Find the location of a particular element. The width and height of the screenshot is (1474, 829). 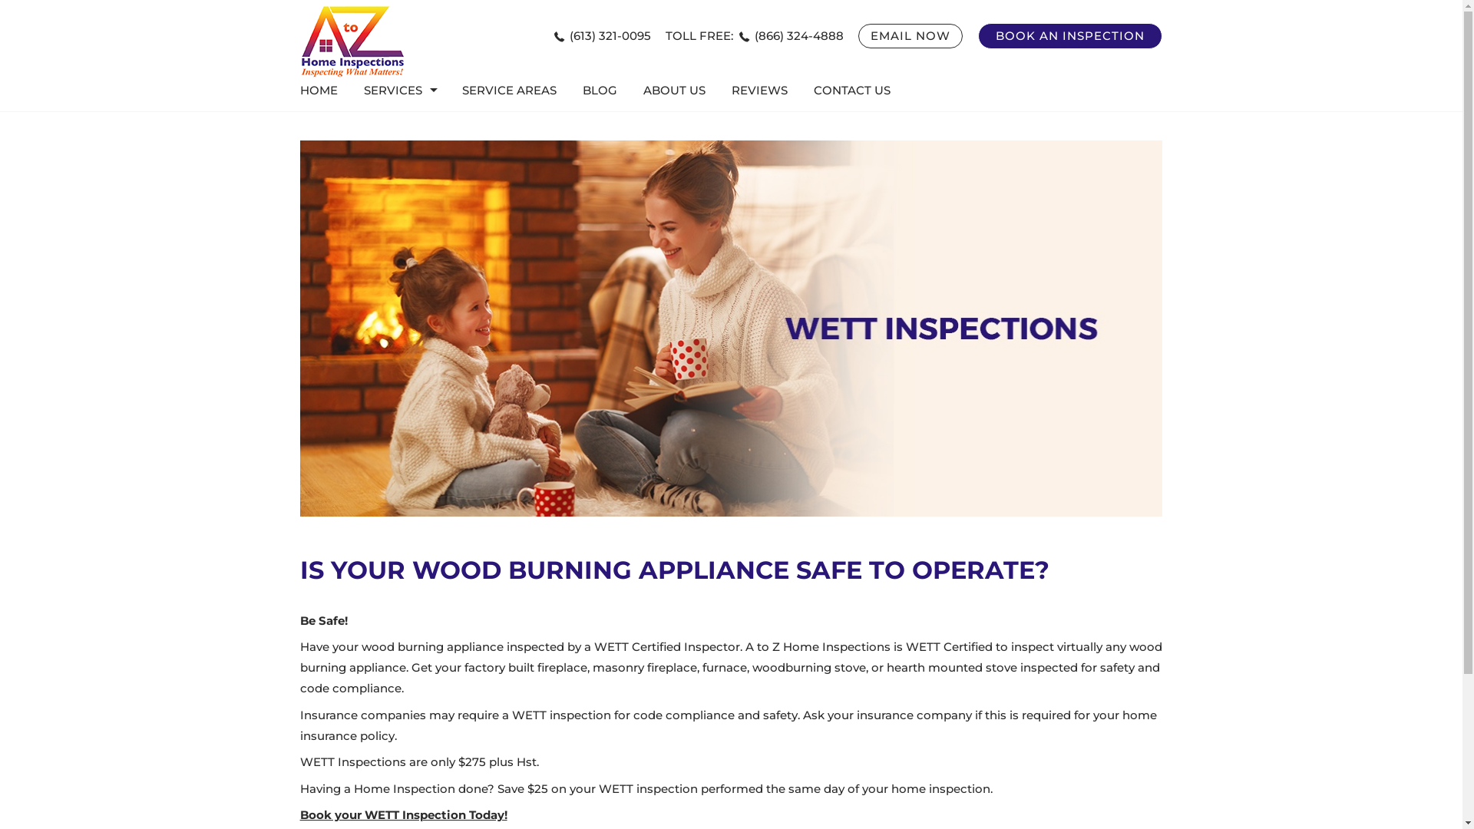

'SERVICES' is located at coordinates (400, 90).